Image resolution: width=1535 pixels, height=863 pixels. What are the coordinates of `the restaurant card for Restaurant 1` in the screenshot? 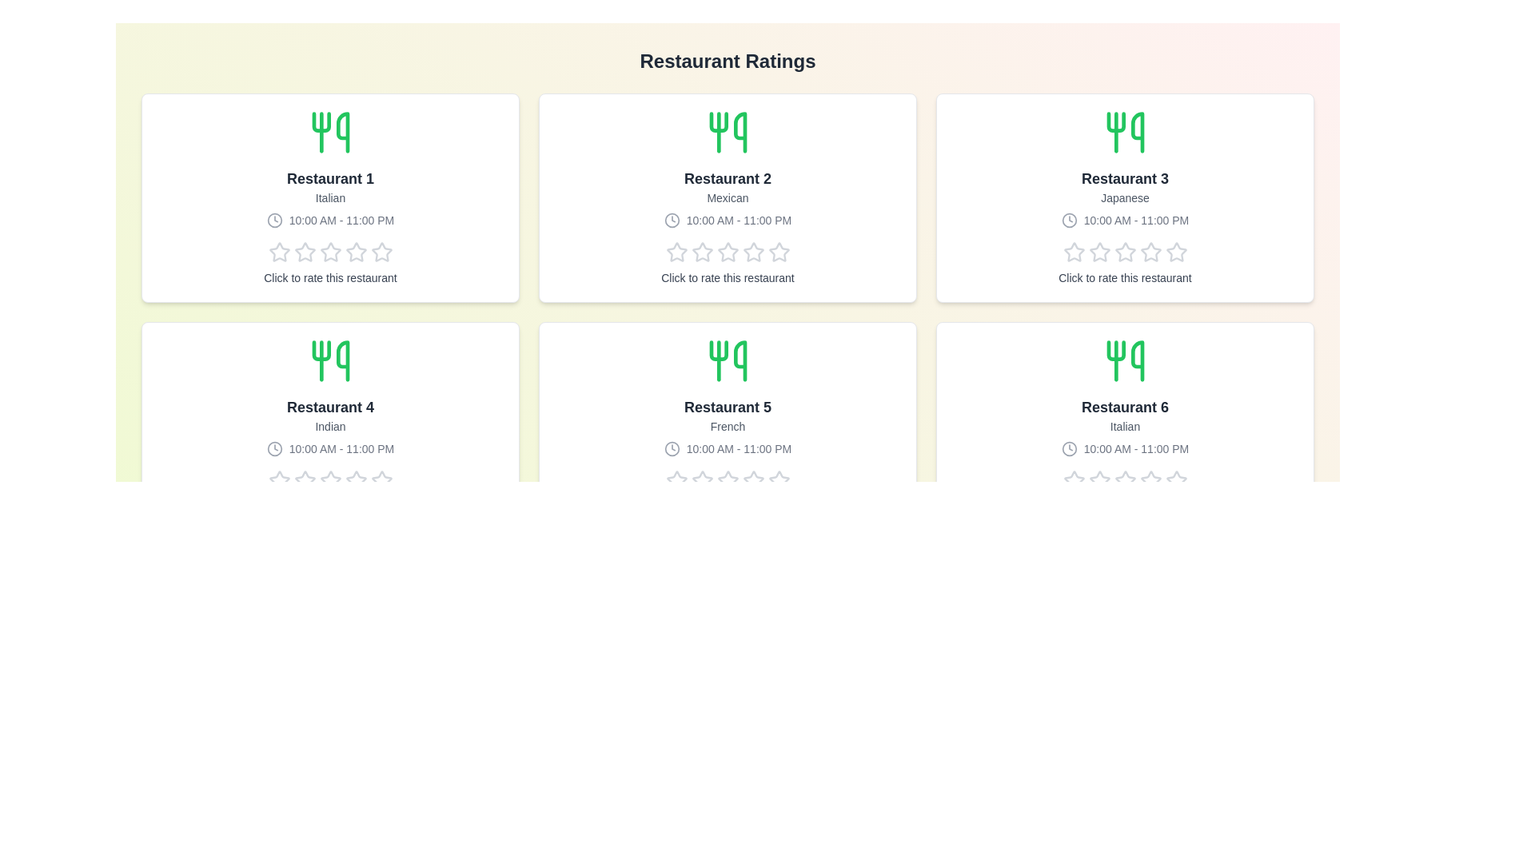 It's located at (329, 197).